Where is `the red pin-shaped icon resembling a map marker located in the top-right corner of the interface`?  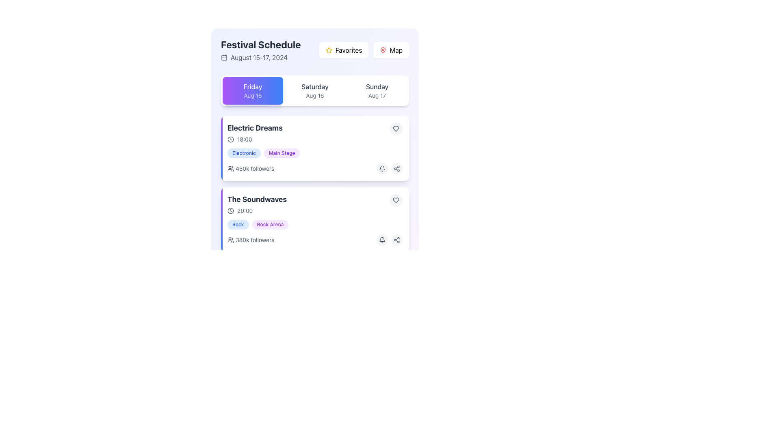 the red pin-shaped icon resembling a map marker located in the top-right corner of the interface is located at coordinates (383, 50).